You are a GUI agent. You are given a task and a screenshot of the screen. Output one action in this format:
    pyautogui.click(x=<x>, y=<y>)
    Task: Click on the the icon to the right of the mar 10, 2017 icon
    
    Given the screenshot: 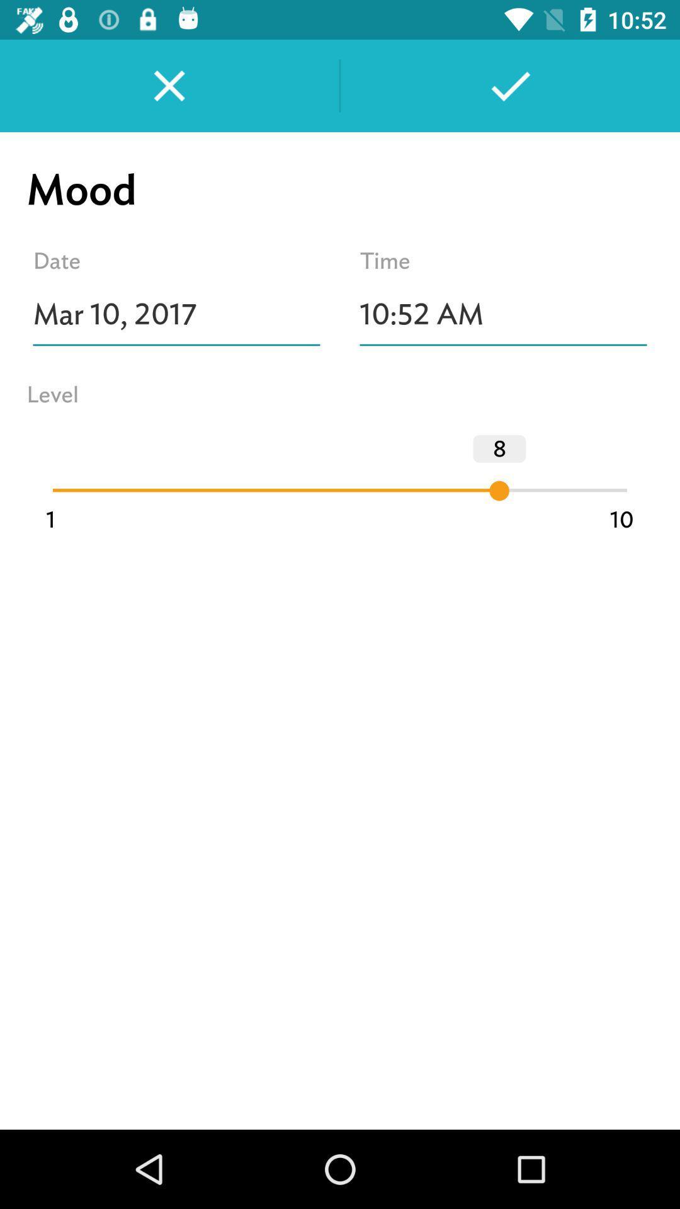 What is the action you would take?
    pyautogui.click(x=502, y=314)
    